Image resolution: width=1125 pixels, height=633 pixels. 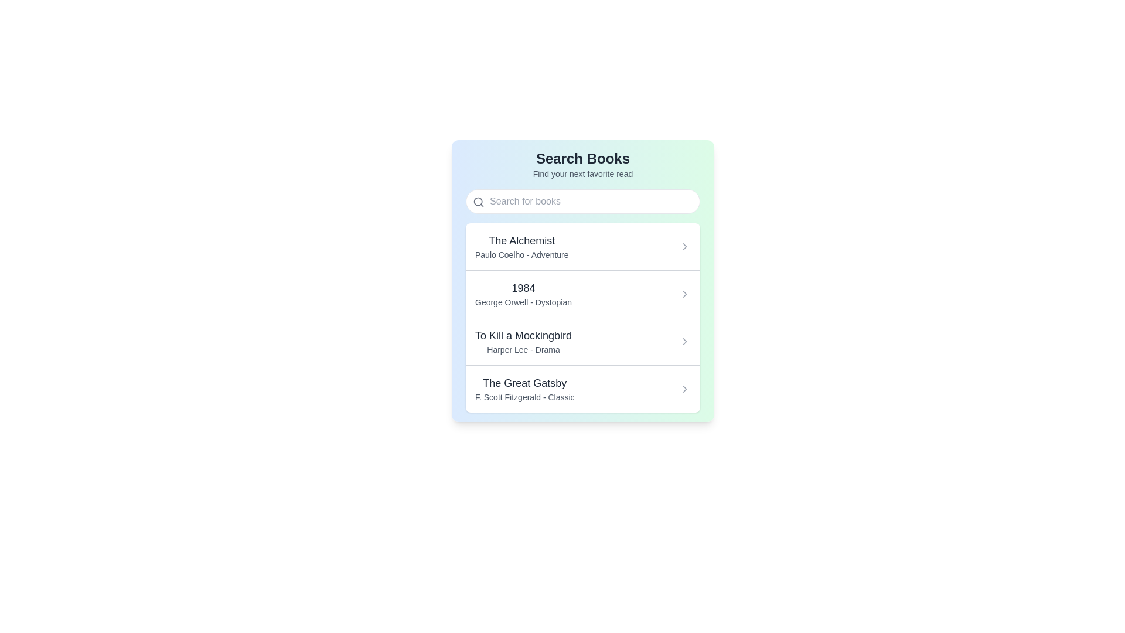 I want to click on the text display block element that shows 'The Great Gatsby' and 'F. Scott Fitzgerald - Classic' in the 'Search Books' interface, so click(x=524, y=389).